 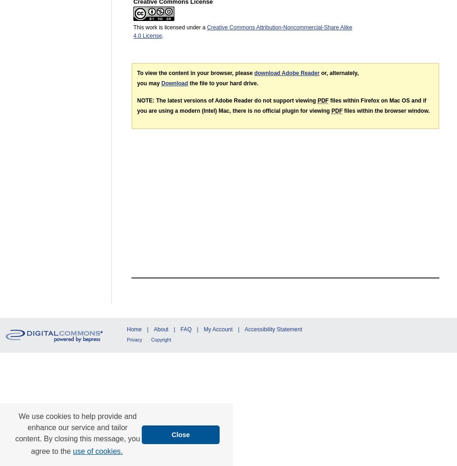 What do you see at coordinates (149, 83) in the screenshot?
I see `'you may'` at bounding box center [149, 83].